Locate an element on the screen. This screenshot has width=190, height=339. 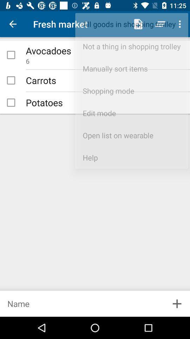
potatoes is located at coordinates (11, 102).